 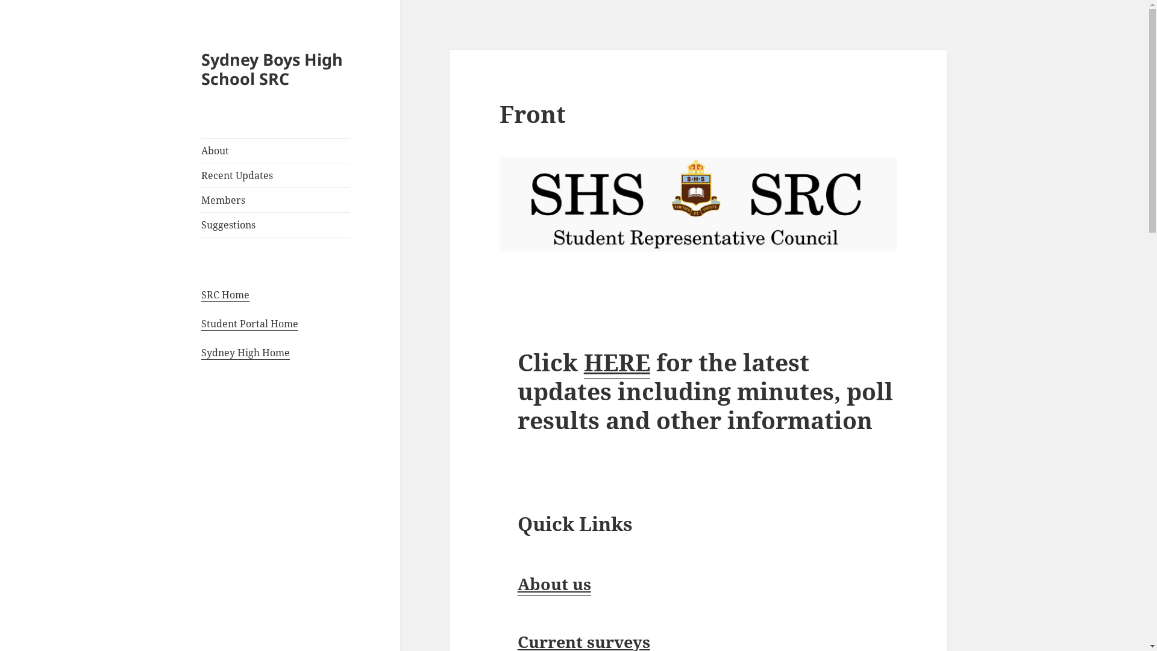 I want to click on 'Sydney High Home', so click(x=245, y=353).